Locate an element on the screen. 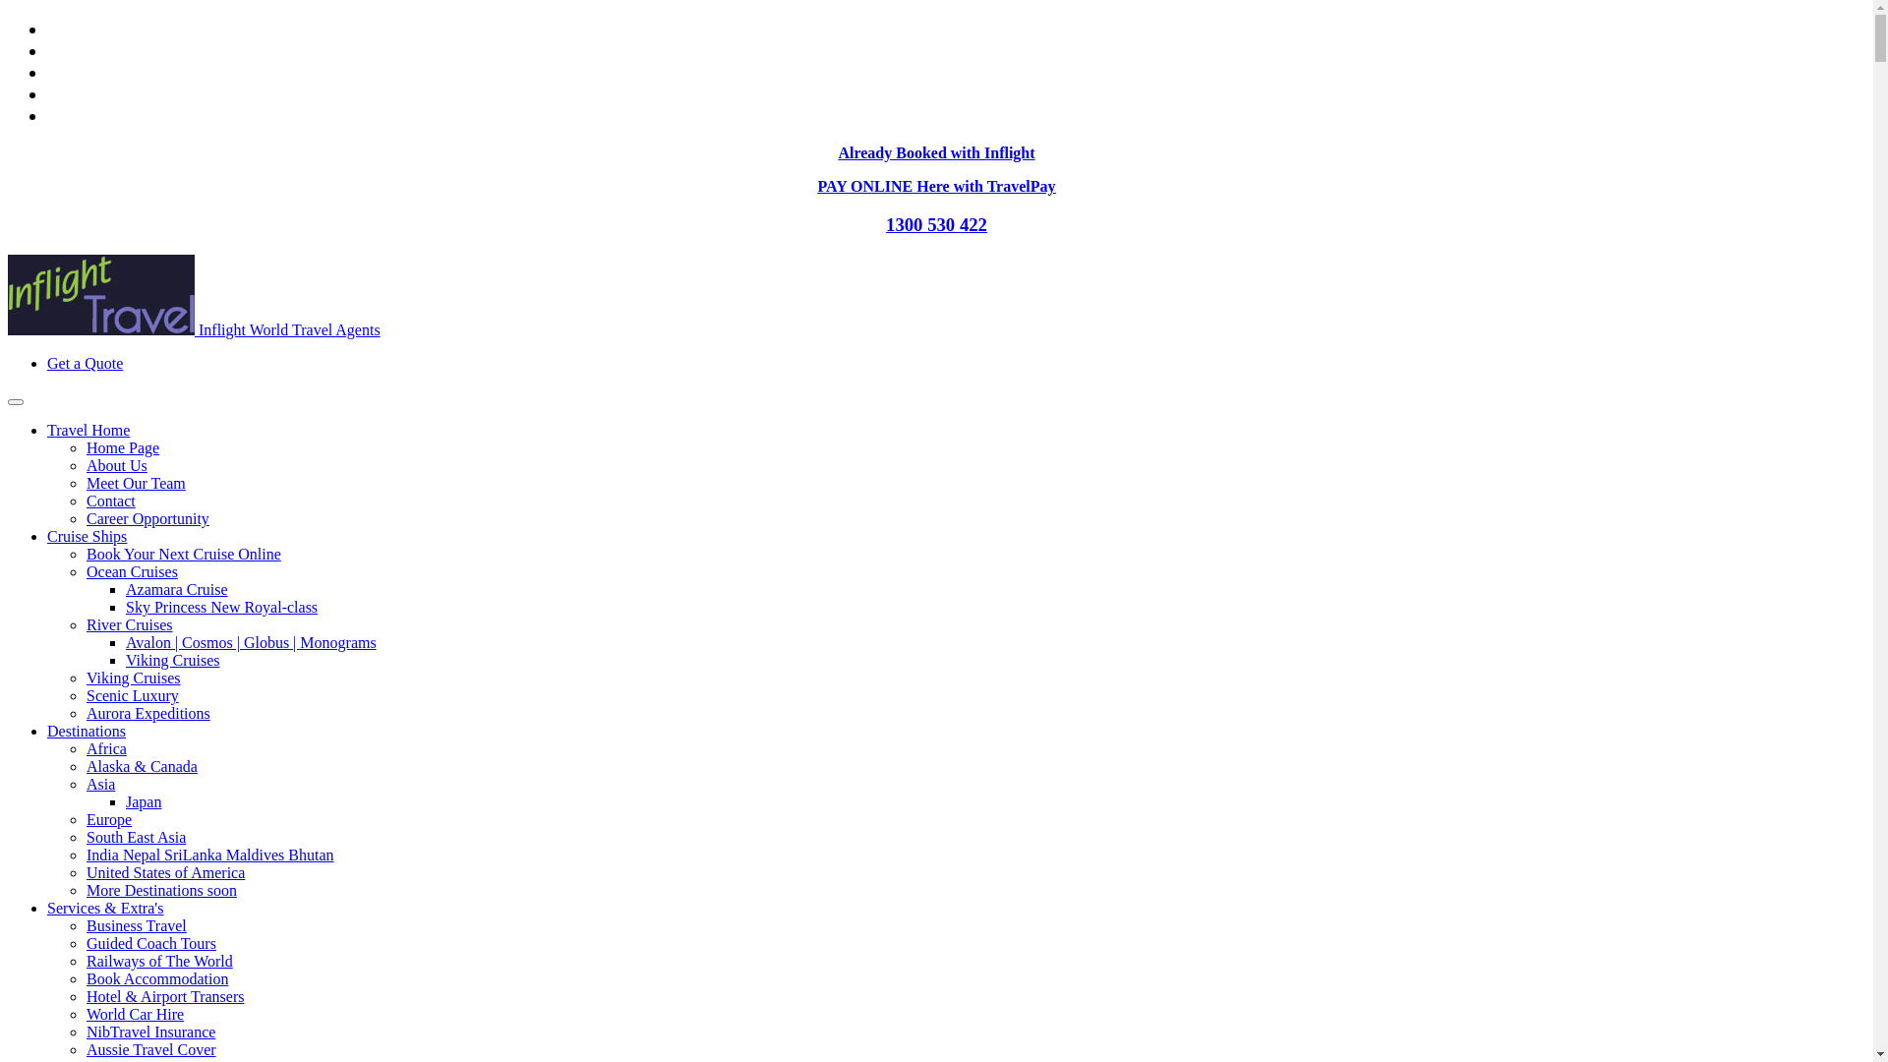  'Guided Coach Tours' is located at coordinates (149, 942).